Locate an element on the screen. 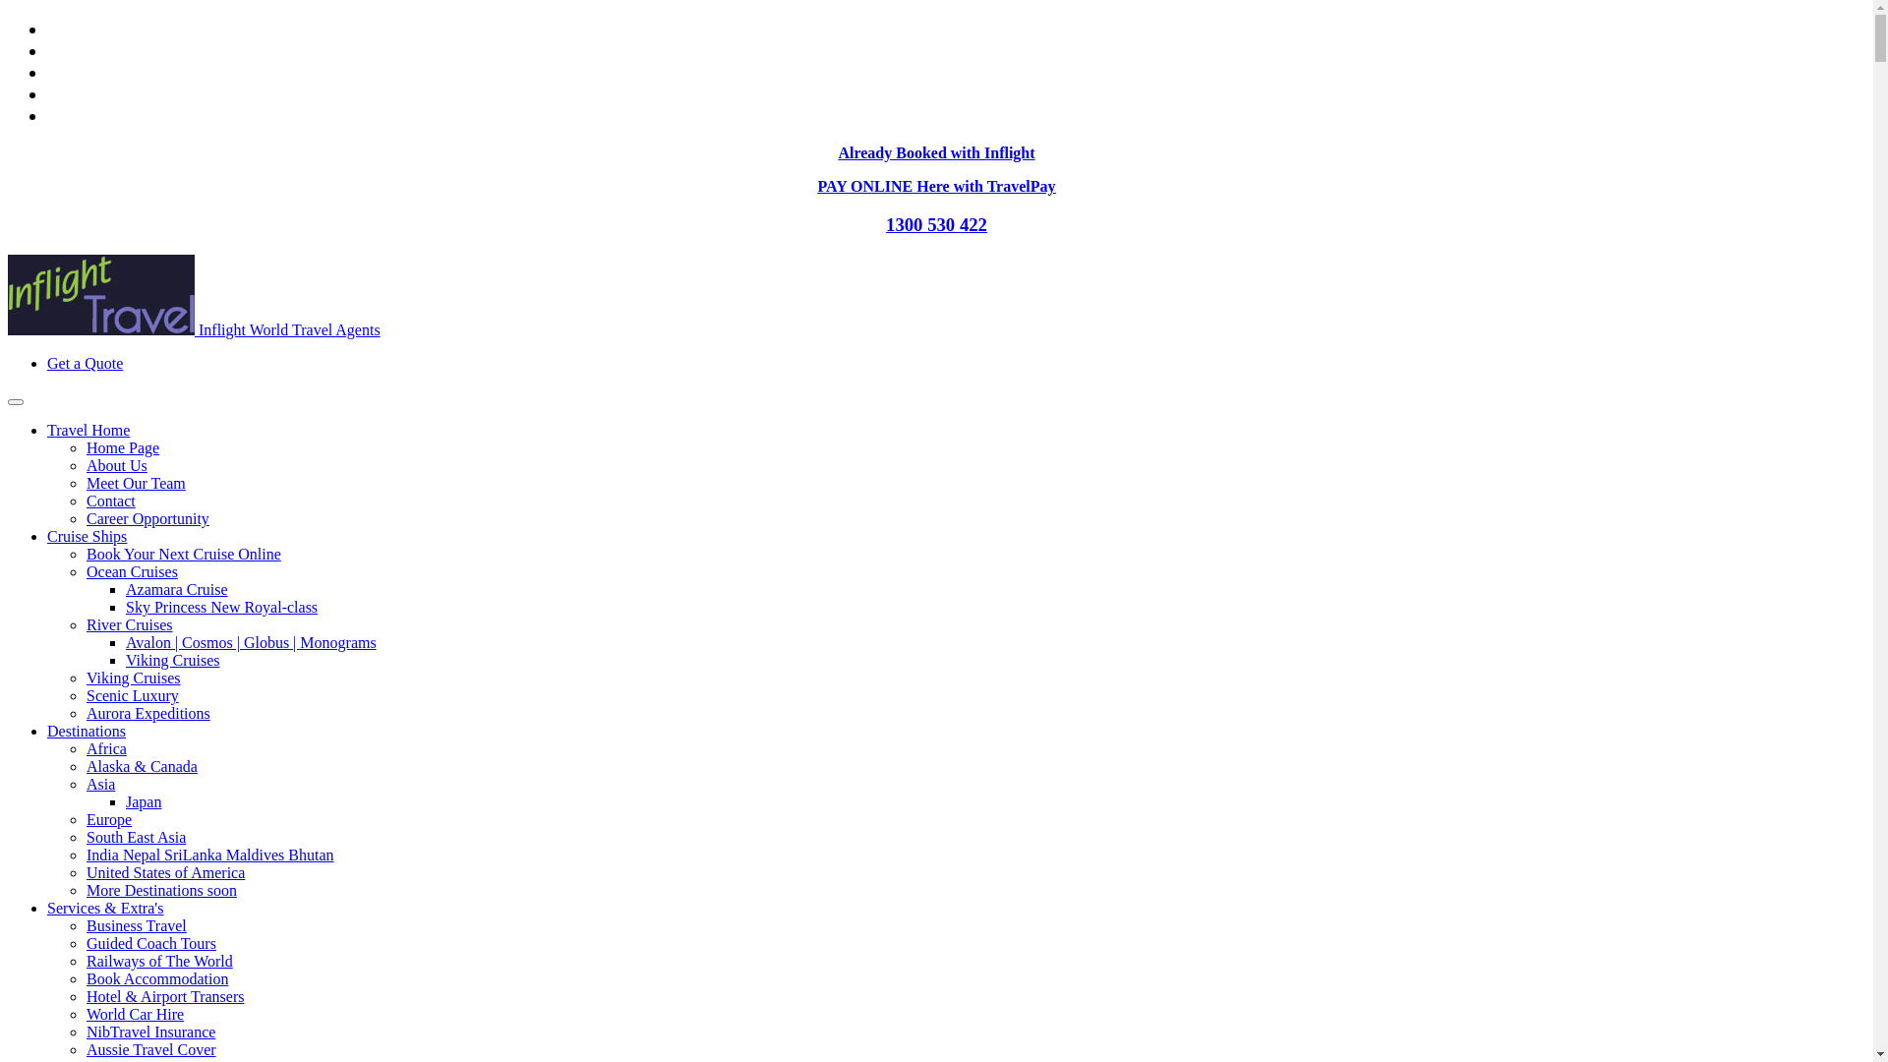  'Guided Coach Tours' is located at coordinates (149, 942).